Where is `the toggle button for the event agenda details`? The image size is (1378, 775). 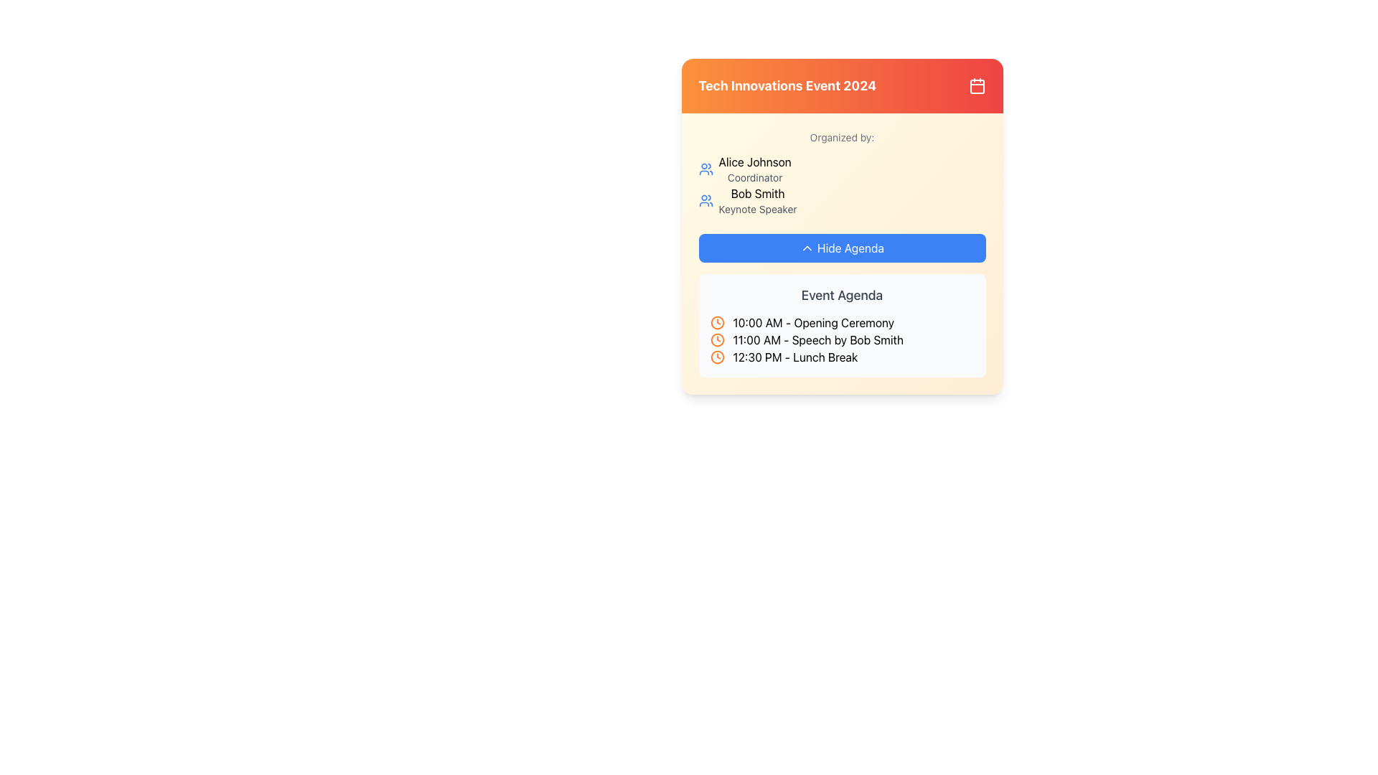
the toggle button for the event agenda details is located at coordinates (842, 248).